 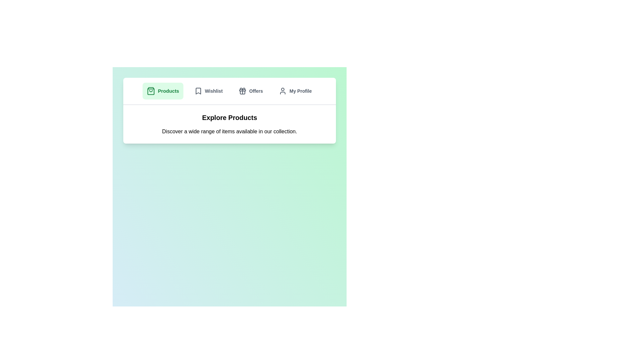 What do you see at coordinates (163, 91) in the screenshot?
I see `the 'Products' button, which is a light green rectangular button with rounded corners located` at bounding box center [163, 91].